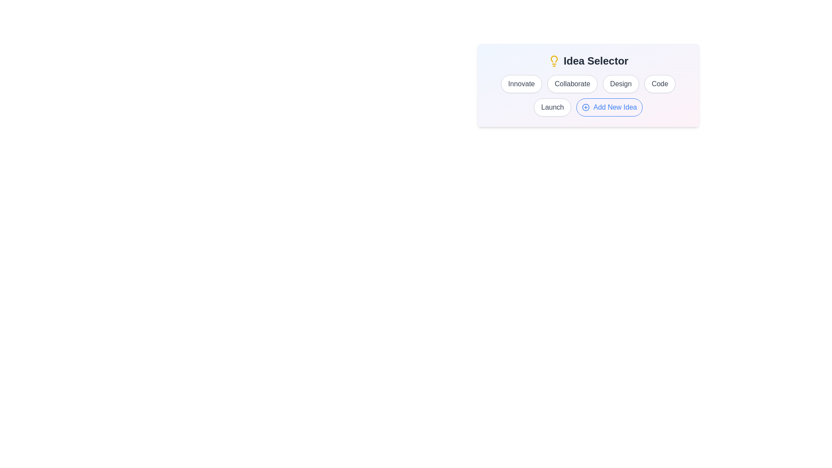 This screenshot has width=832, height=468. I want to click on the idea labeled Code to select it, so click(659, 84).